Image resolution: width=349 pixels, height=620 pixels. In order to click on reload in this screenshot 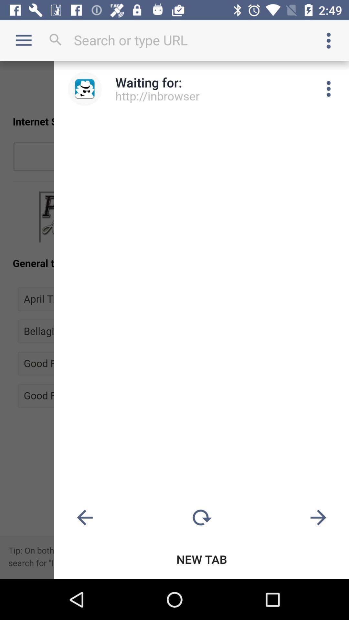, I will do `click(201, 518)`.